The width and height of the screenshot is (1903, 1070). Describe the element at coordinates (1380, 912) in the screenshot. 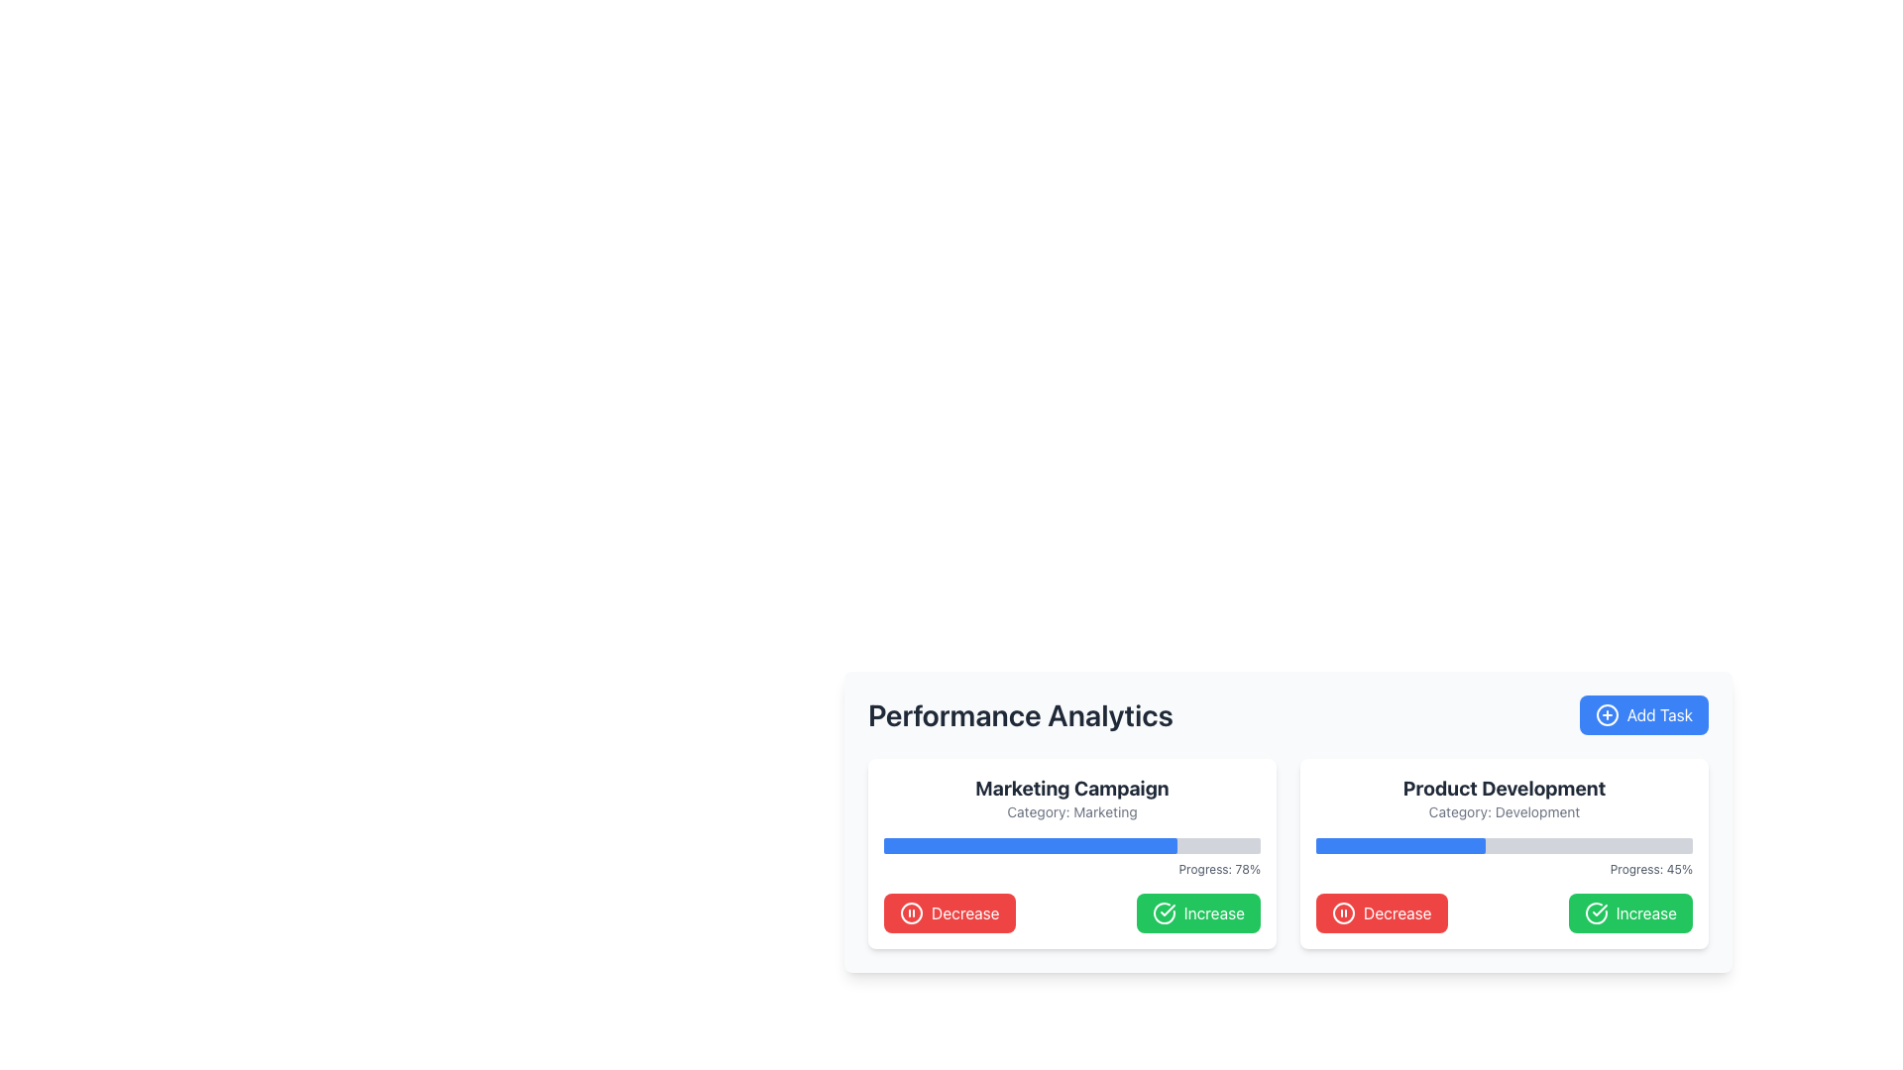

I see `the first button in the row below the progress bar associated with the 'Product Development' card` at that location.